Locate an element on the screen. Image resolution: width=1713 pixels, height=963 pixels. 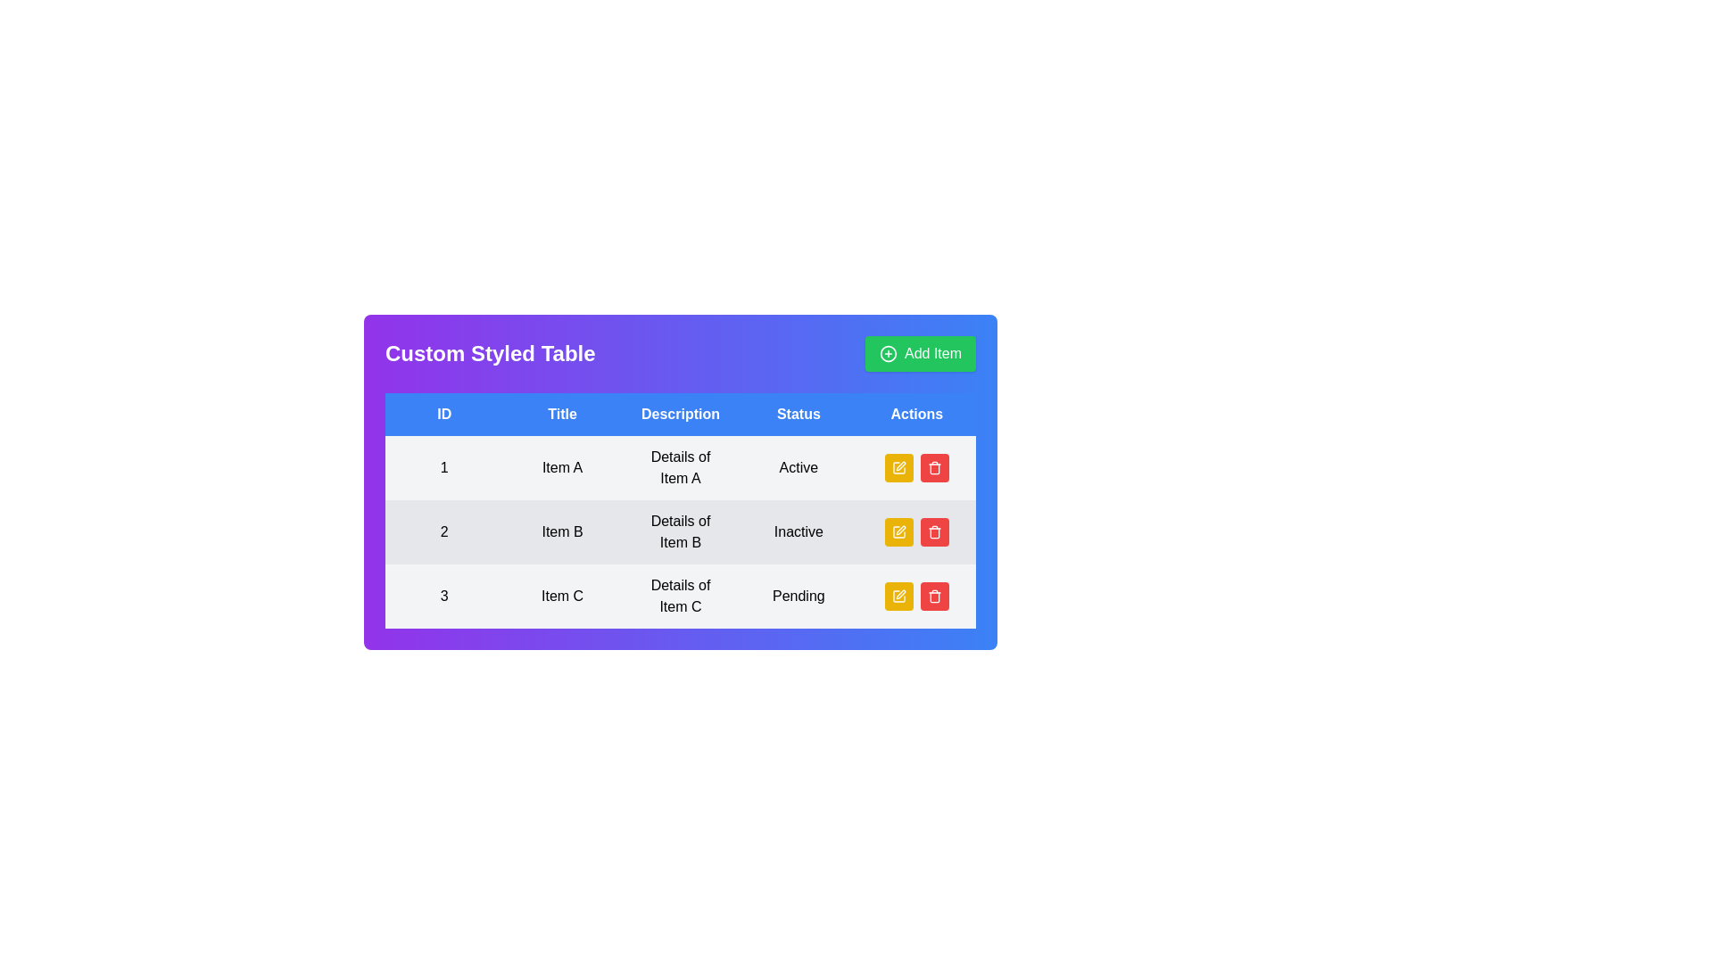
the header label that signifies the titles column in the table, located between the 'ID' and 'Description' columns is located at coordinates (561, 415).